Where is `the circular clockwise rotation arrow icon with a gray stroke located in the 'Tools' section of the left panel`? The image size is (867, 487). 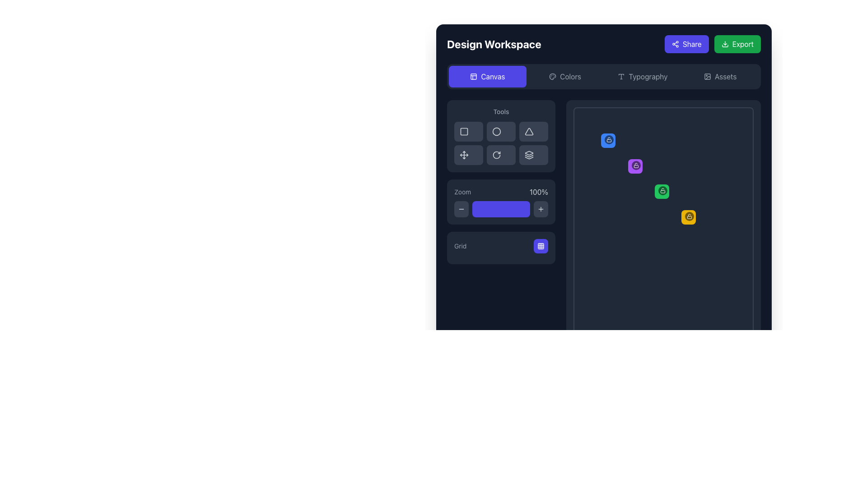 the circular clockwise rotation arrow icon with a gray stroke located in the 'Tools' section of the left panel is located at coordinates (496, 154).